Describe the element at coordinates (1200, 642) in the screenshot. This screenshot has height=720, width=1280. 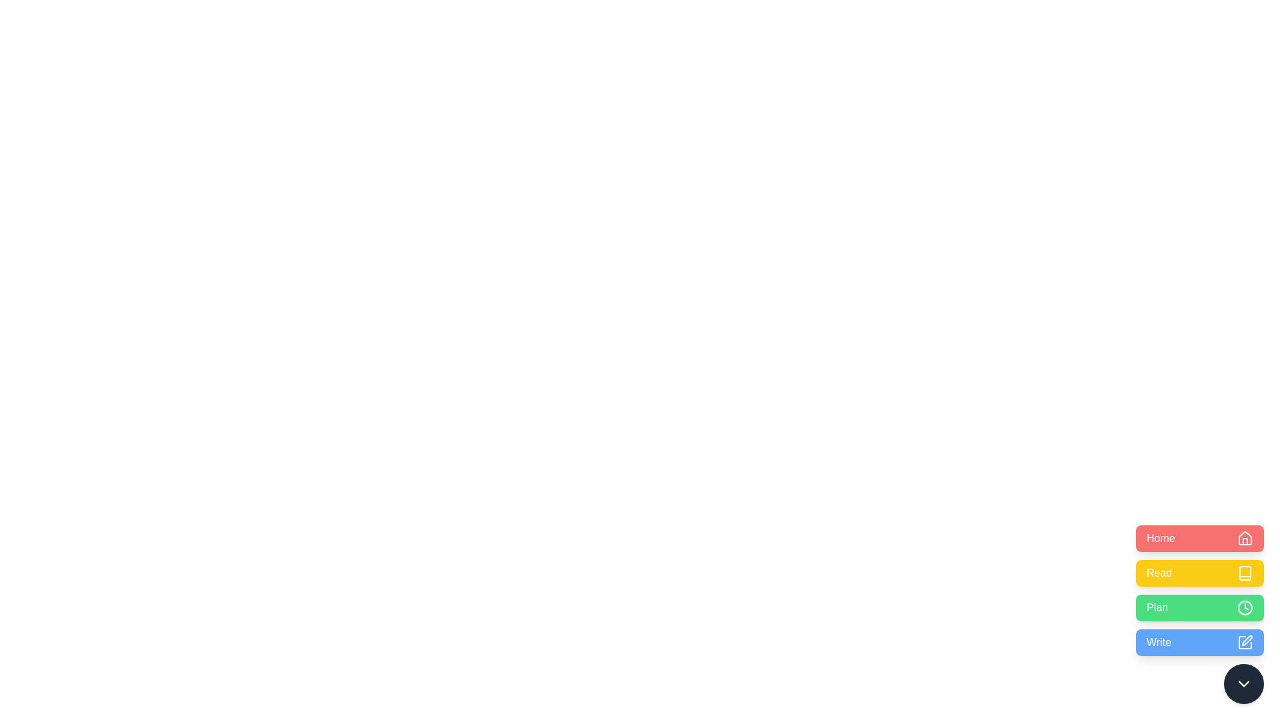
I see `the Write button` at that location.